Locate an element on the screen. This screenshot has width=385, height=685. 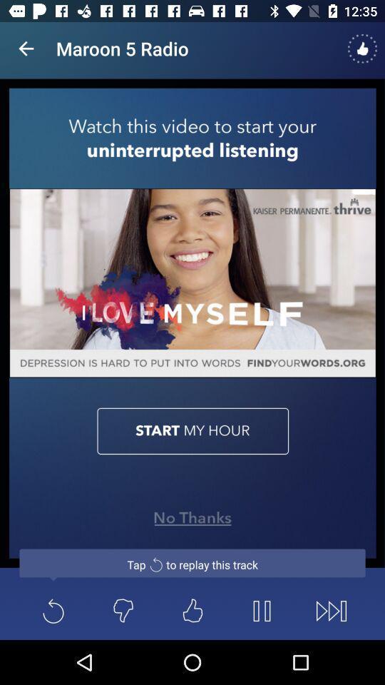
the skip_next icon is located at coordinates (331, 610).